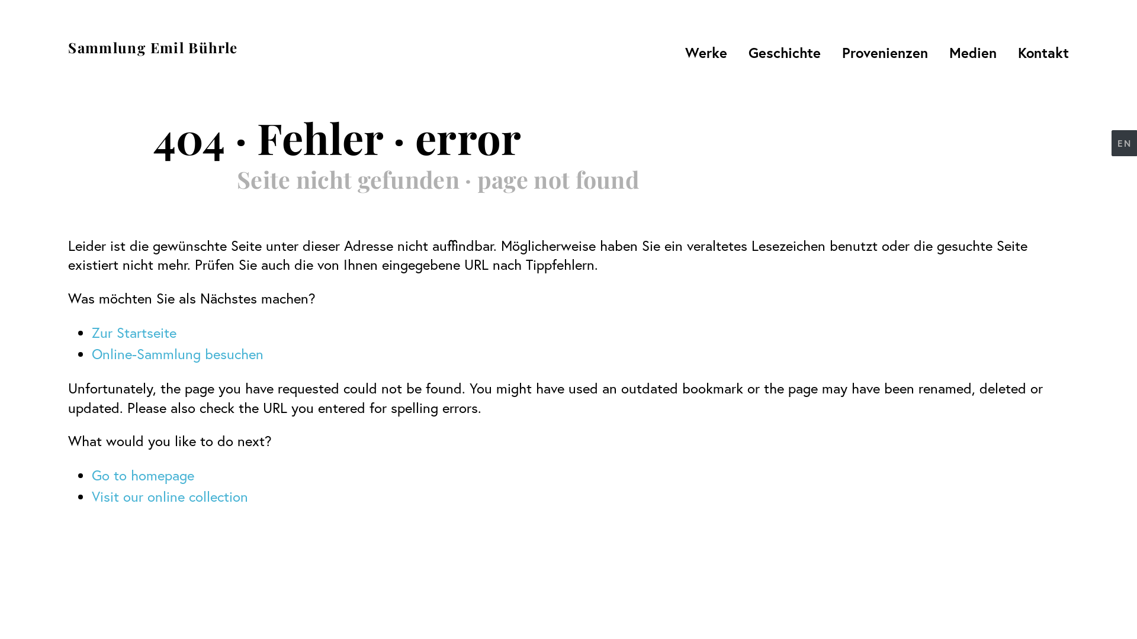  I want to click on 'Provenienzen', so click(885, 51).